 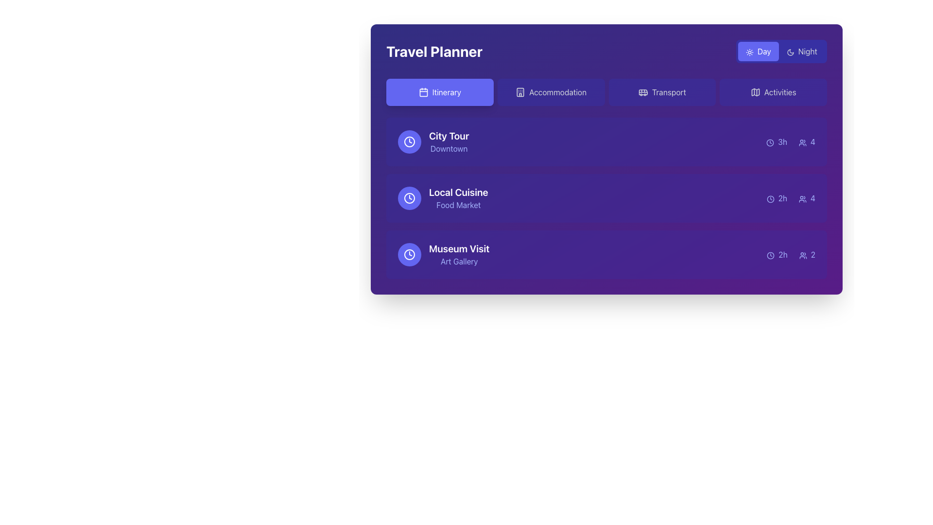 I want to click on the event item located in the third position of the vertical list within the 'Itinerary' section of the 'Travel Planner' interface, so click(x=443, y=254).